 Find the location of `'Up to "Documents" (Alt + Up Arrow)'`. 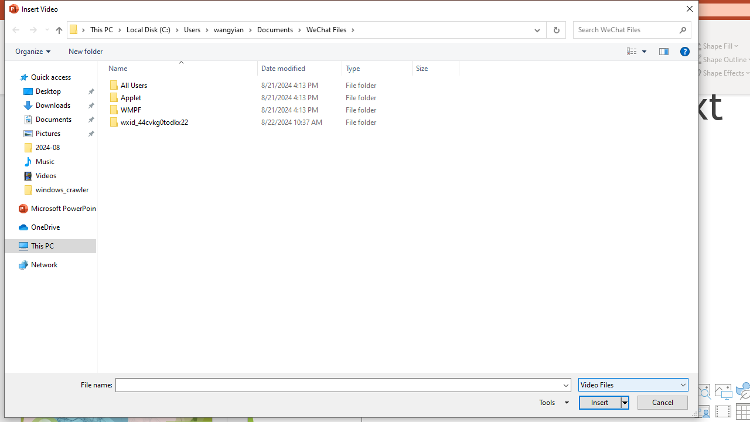

'Up to "Documents" (Alt + Up Arrow)' is located at coordinates (59, 30).